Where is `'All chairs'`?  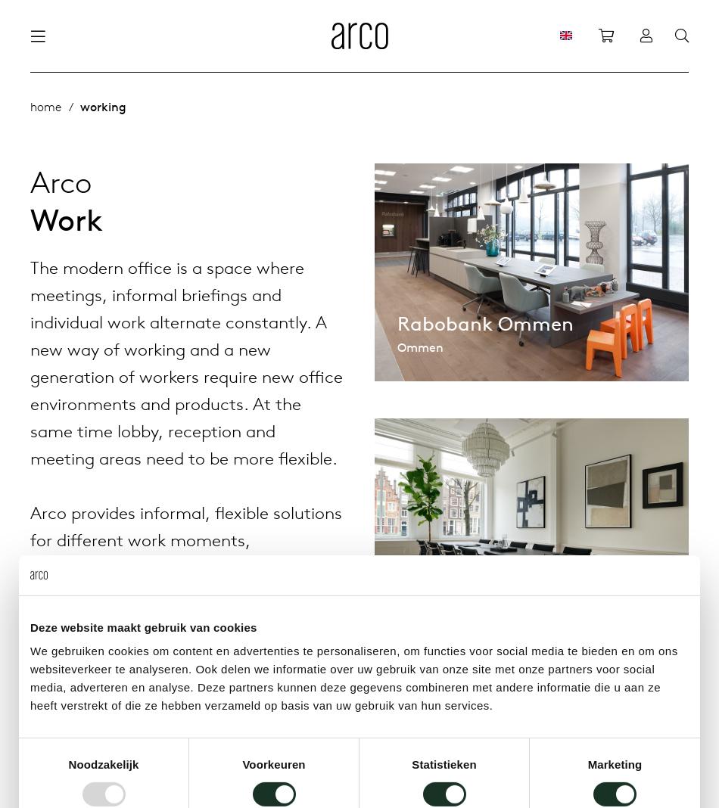
'All chairs' is located at coordinates (254, 107).